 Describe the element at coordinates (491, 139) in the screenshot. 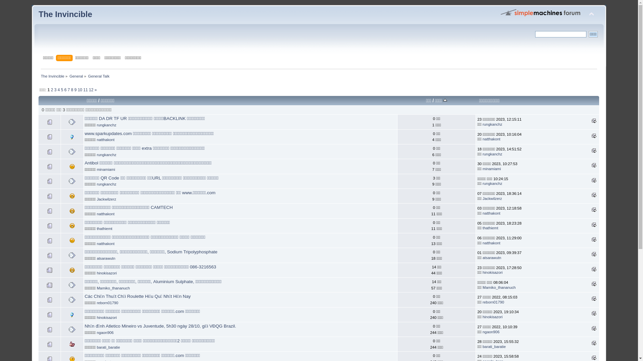

I see `'natthakont'` at that location.